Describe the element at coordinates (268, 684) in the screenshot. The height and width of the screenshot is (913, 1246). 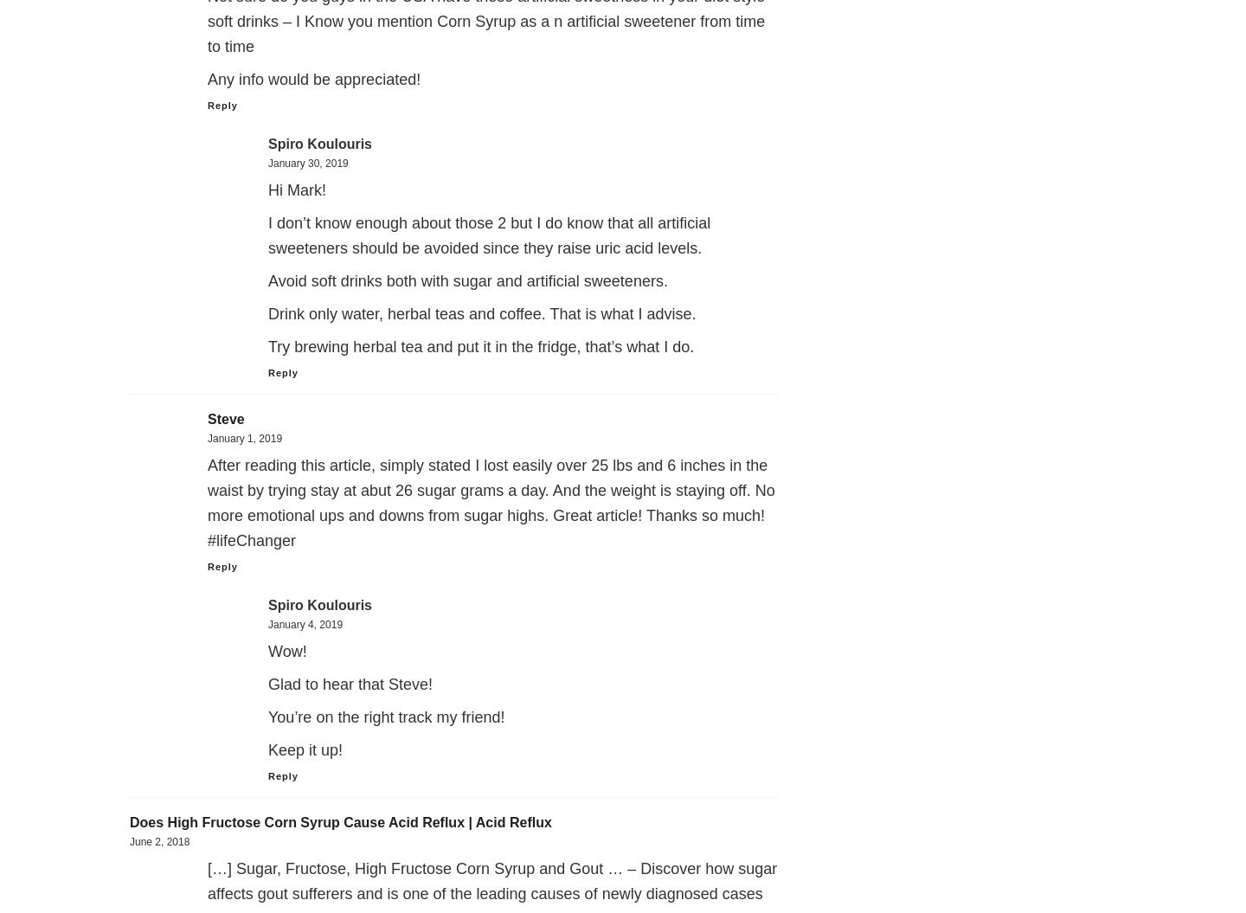
I see `'Glad to hear that Steve!'` at that location.